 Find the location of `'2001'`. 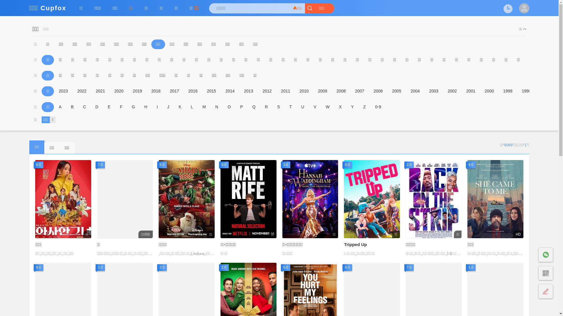

'2001' is located at coordinates (461, 91).